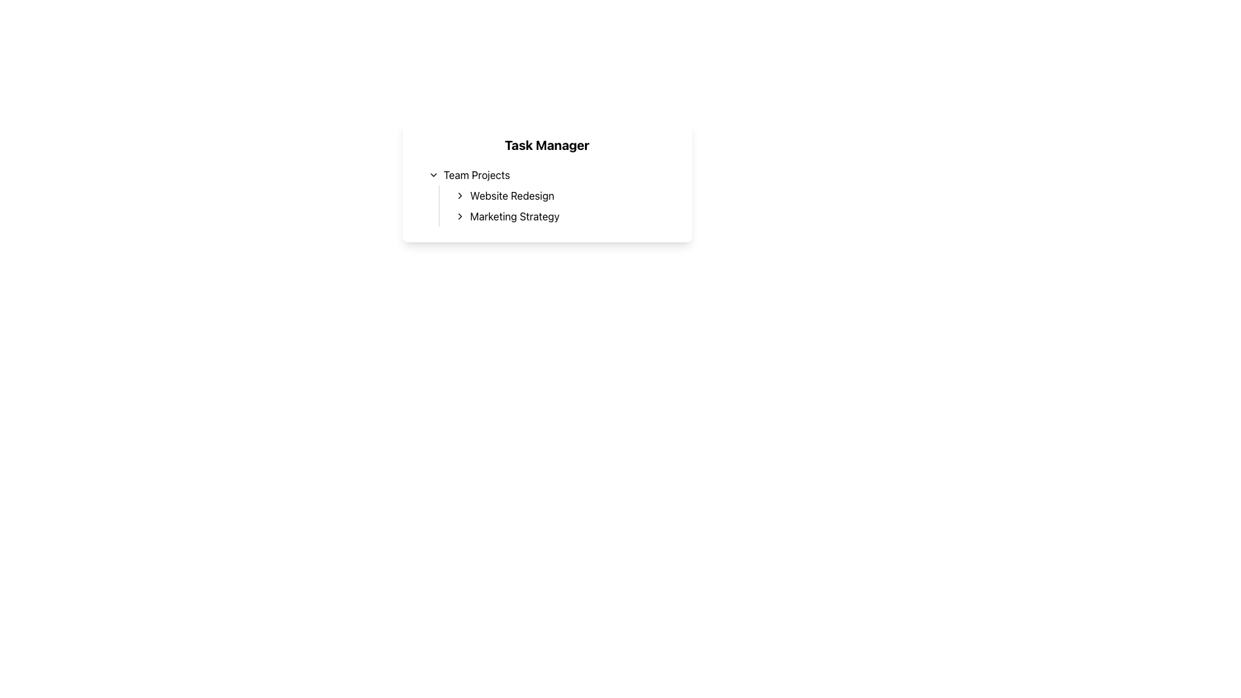 This screenshot has height=698, width=1241. I want to click on the right-pointing chevron icon located to the left of the text 'Marketing Strategy', so click(460, 216).